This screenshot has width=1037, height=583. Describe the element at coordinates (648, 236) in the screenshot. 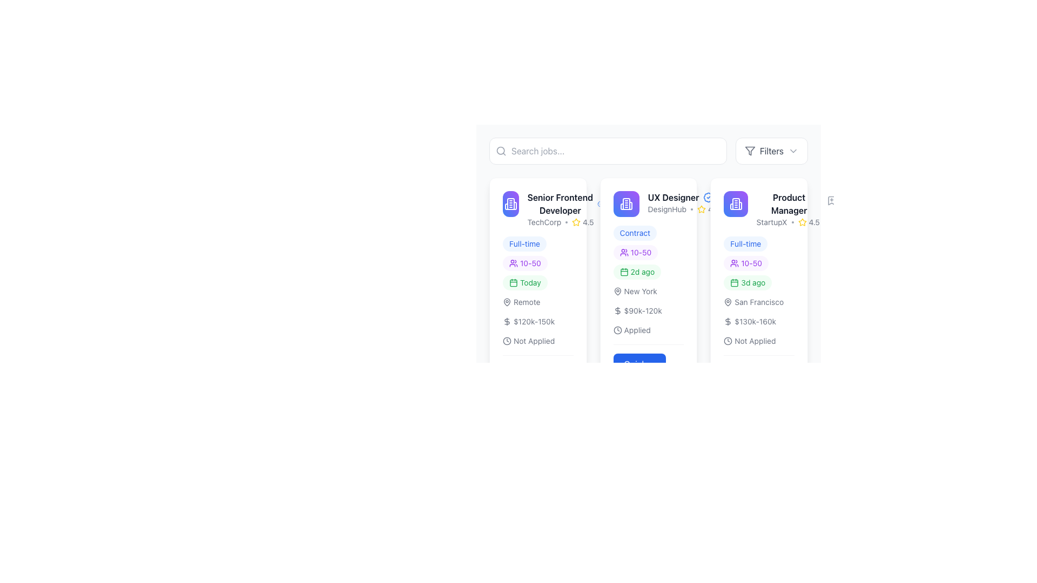

I see `the second card UI component` at that location.